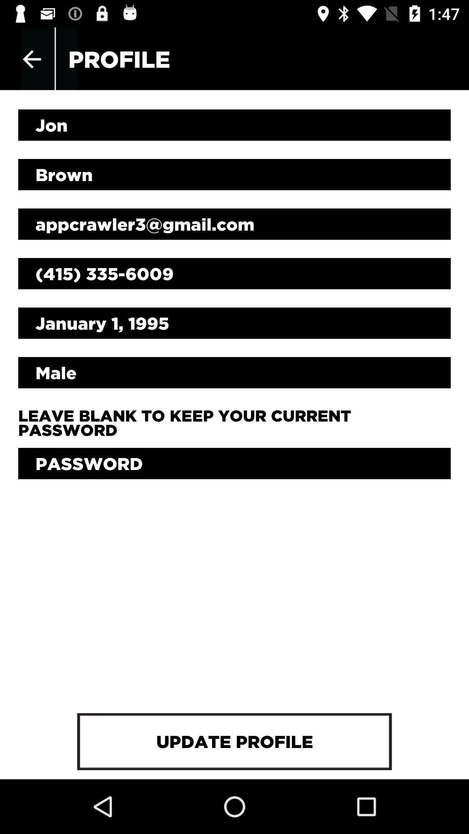 Image resolution: width=469 pixels, height=834 pixels. What do you see at coordinates (234, 125) in the screenshot?
I see `icon above the brown item` at bounding box center [234, 125].